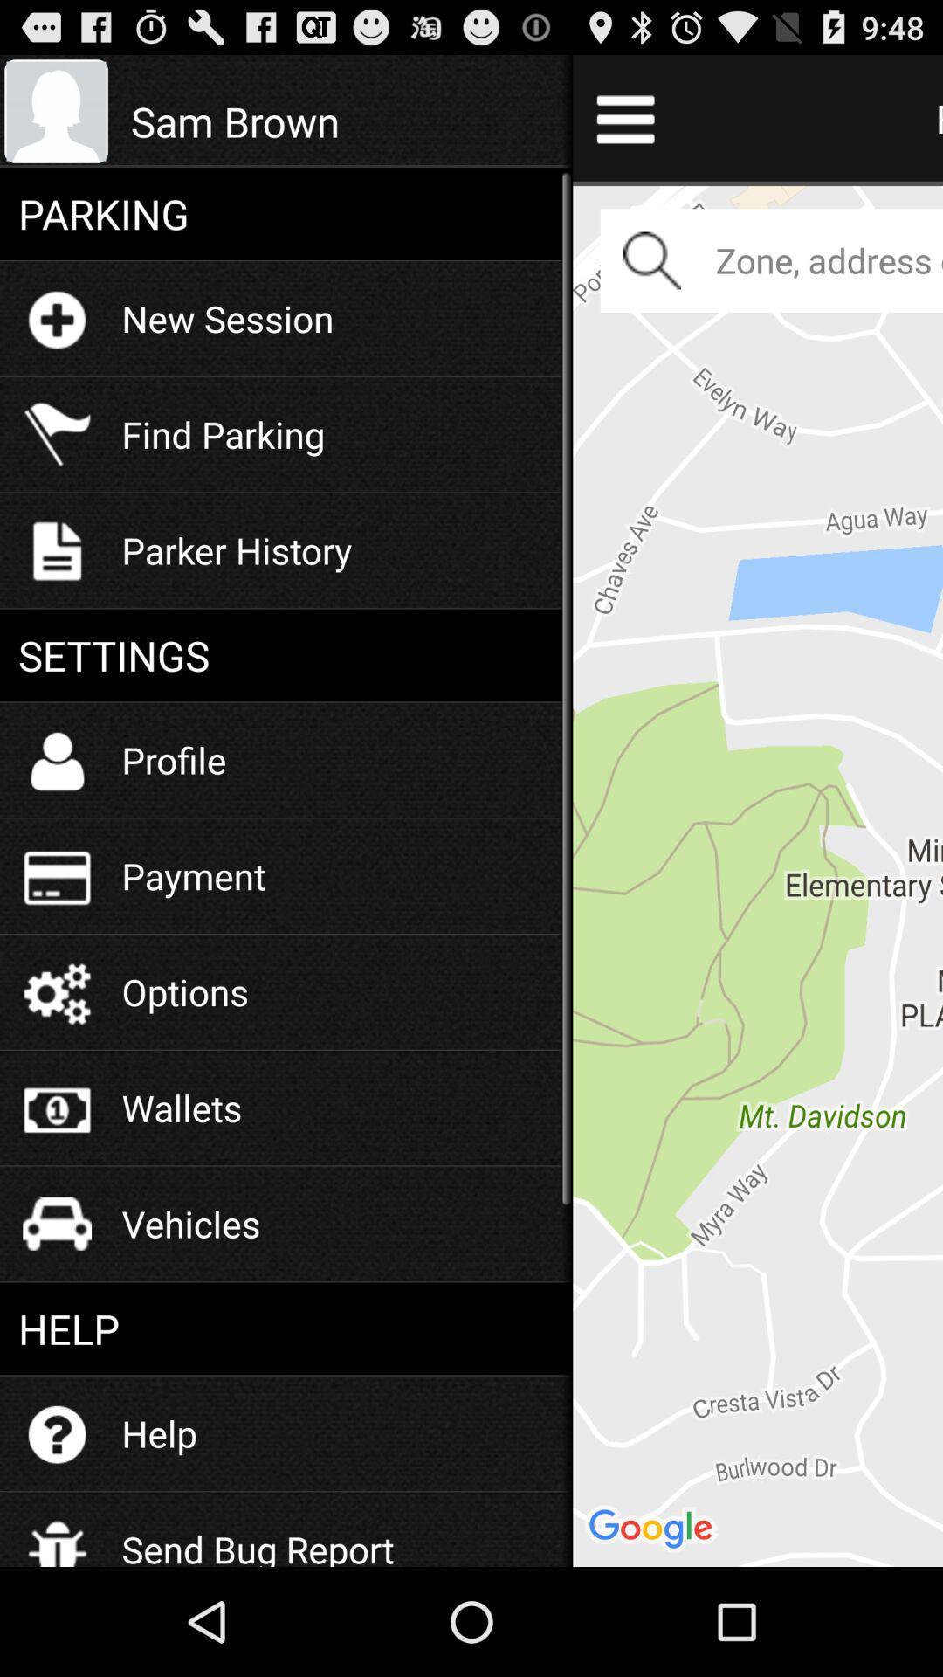 The image size is (943, 1677). Describe the element at coordinates (237, 549) in the screenshot. I see `the parker history item` at that location.